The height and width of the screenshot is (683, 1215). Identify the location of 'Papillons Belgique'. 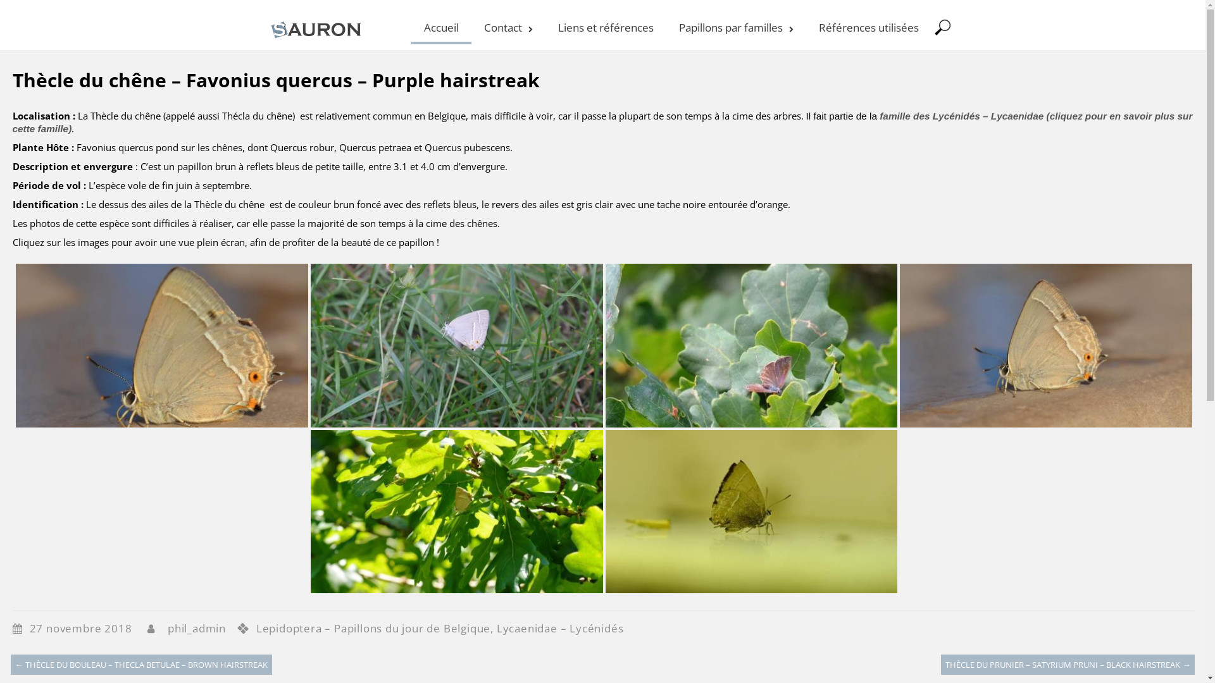
(266, 37).